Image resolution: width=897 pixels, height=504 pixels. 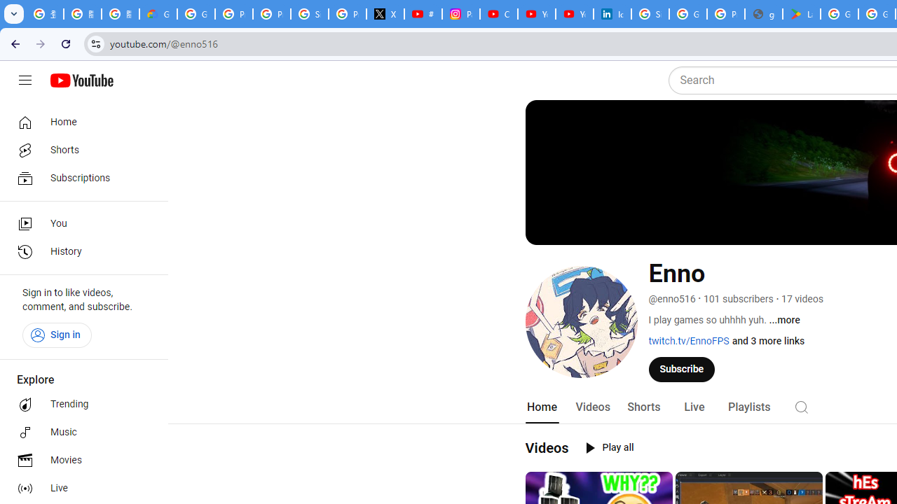 I want to click on 'twitch.tv/EnnoFPS', so click(x=689, y=341).